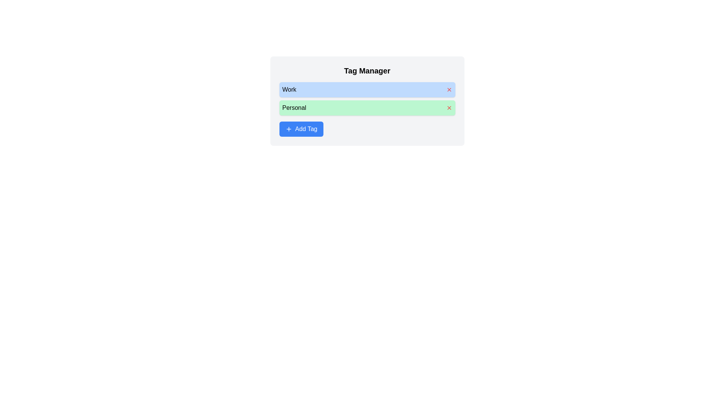 This screenshot has width=728, height=409. I want to click on text of the 'Personal' label, which is centrally aligned within a green rectangular box in the tag management interface, so click(294, 108).